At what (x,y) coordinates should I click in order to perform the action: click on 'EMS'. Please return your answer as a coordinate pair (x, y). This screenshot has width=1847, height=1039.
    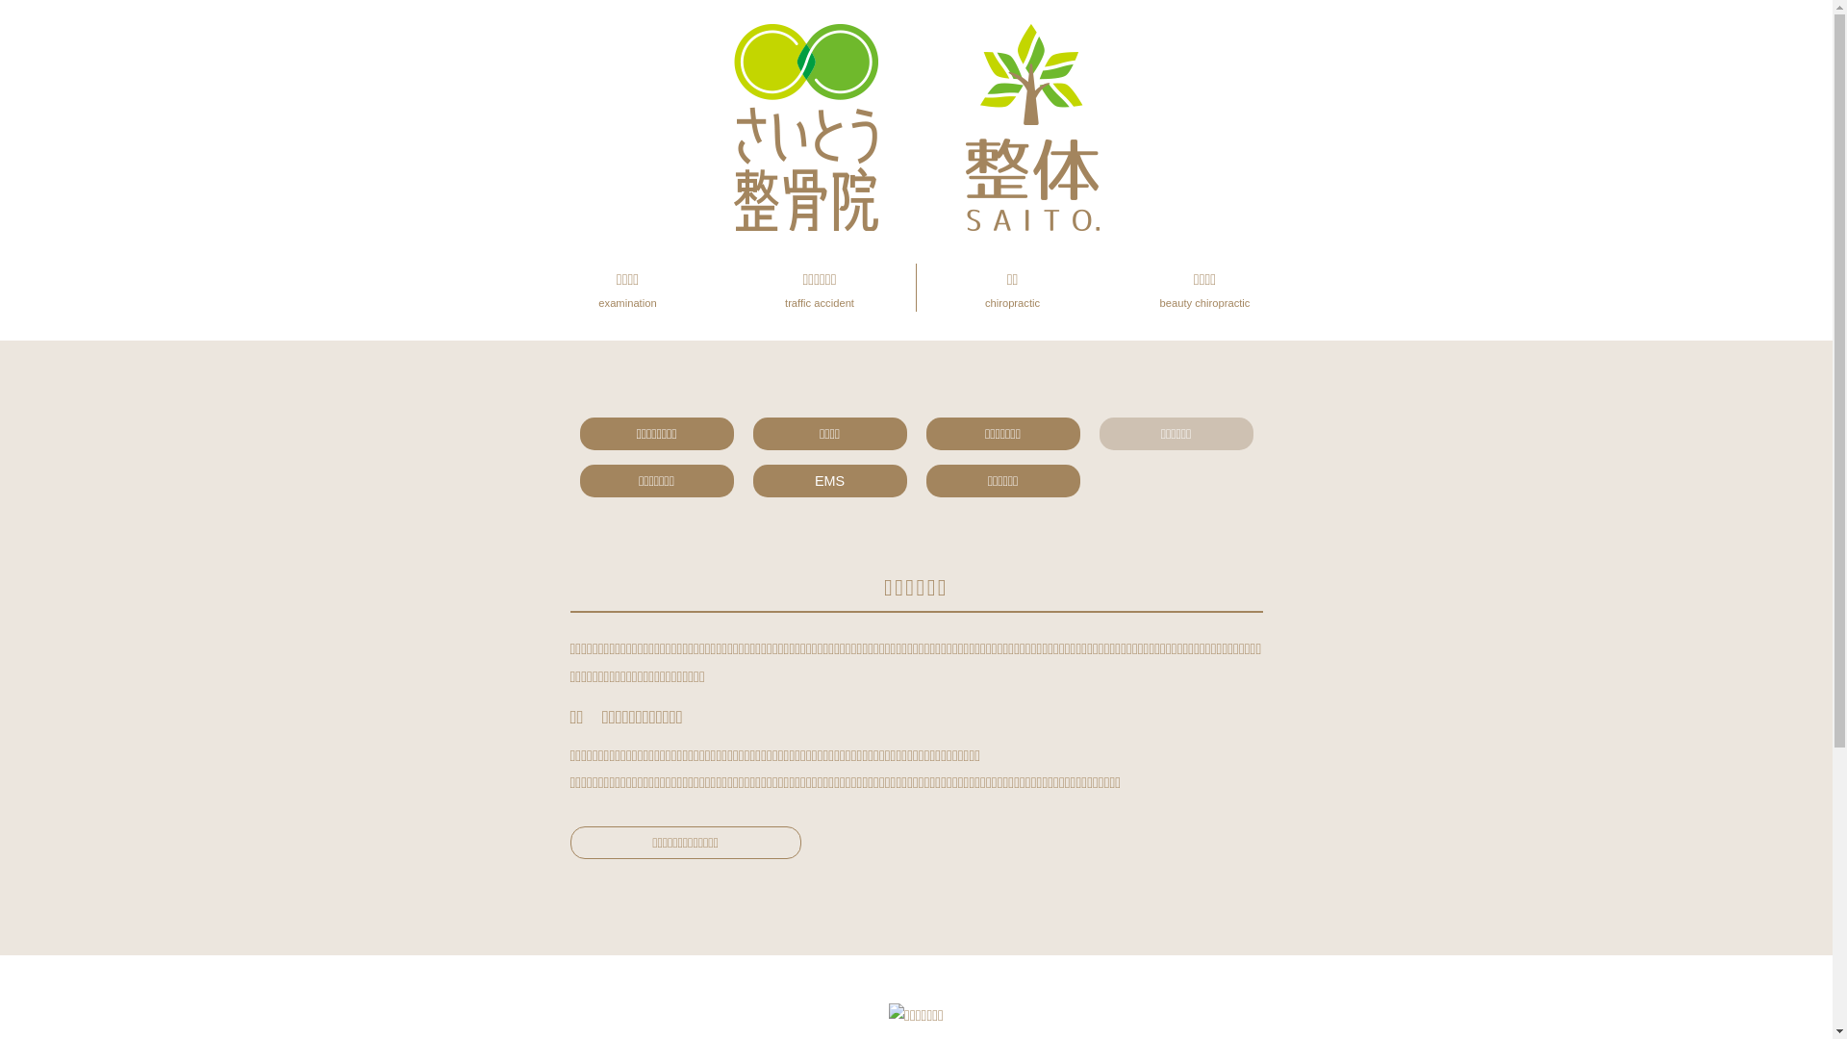
    Looking at the image, I should click on (751, 480).